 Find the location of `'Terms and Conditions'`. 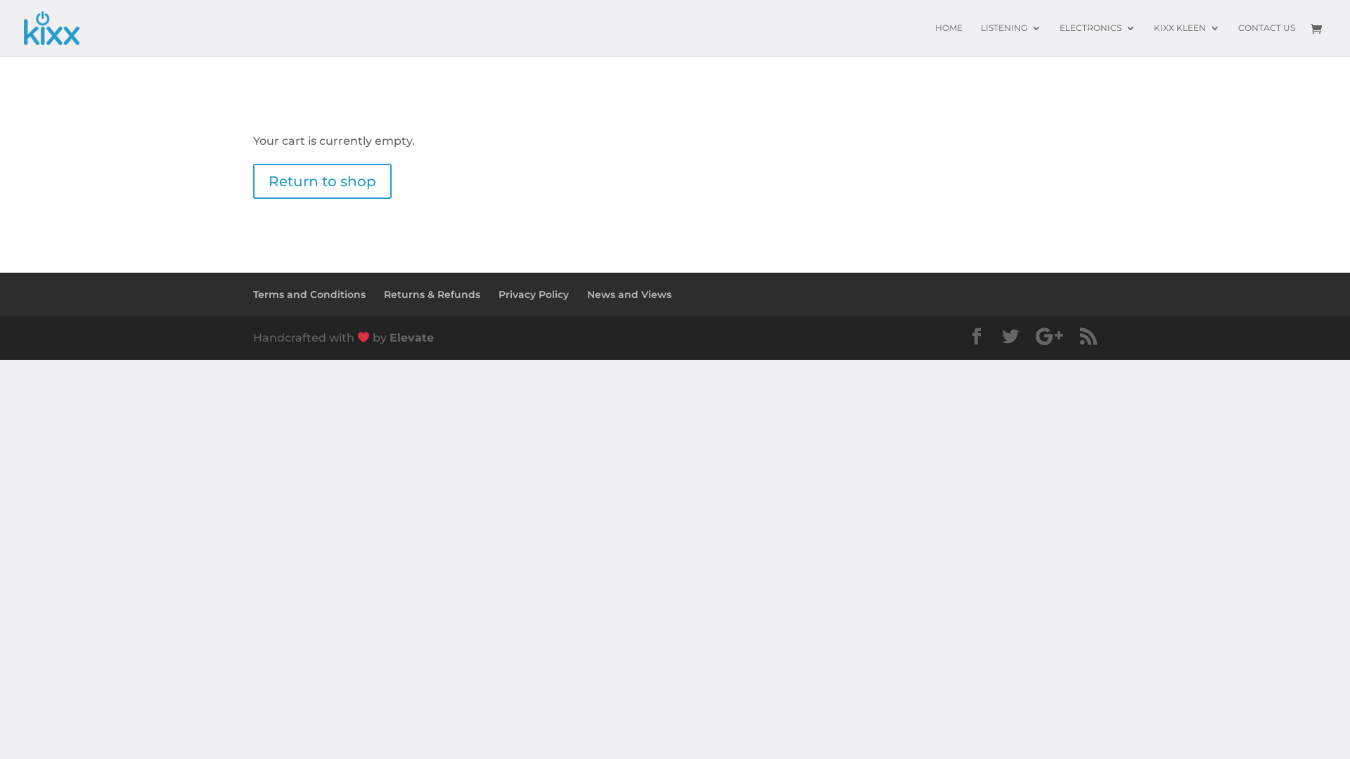

'Terms and Conditions' is located at coordinates (309, 294).